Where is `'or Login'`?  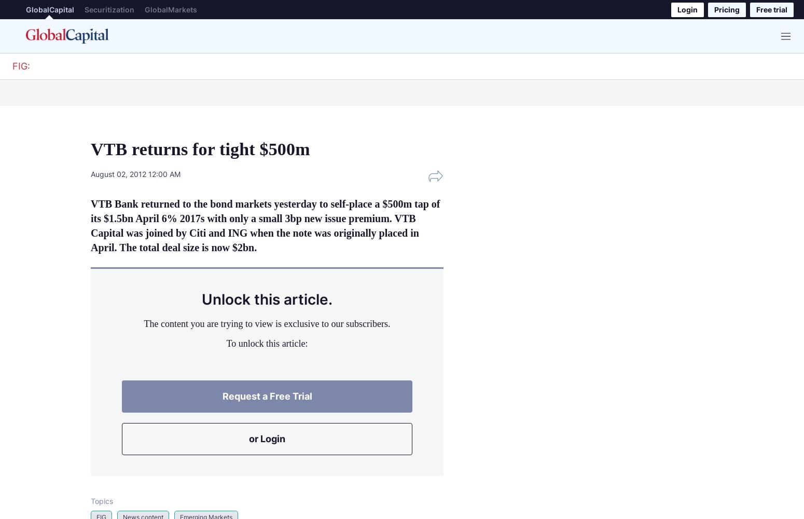 'or Login' is located at coordinates (267, 438).